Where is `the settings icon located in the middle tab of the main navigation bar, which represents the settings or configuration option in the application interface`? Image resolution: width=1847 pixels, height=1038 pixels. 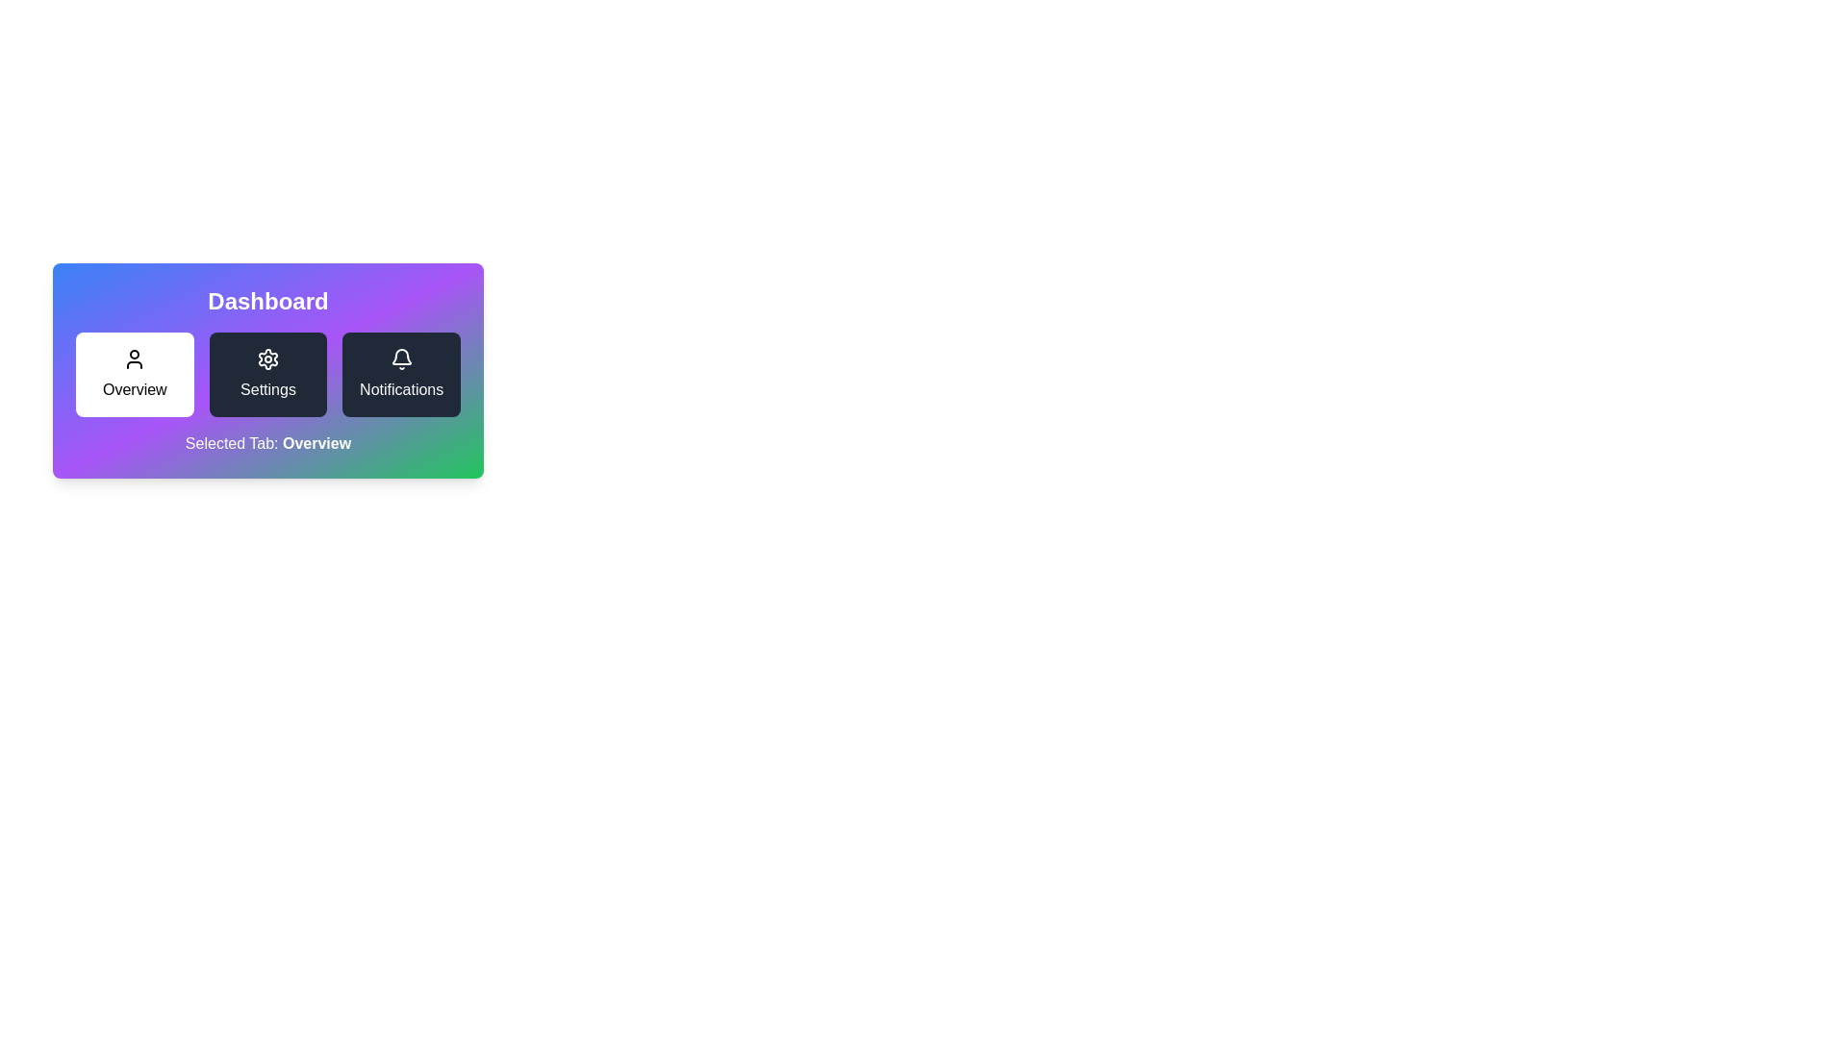 the settings icon located in the middle tab of the main navigation bar, which represents the settings or configuration option in the application interface is located at coordinates (266, 359).